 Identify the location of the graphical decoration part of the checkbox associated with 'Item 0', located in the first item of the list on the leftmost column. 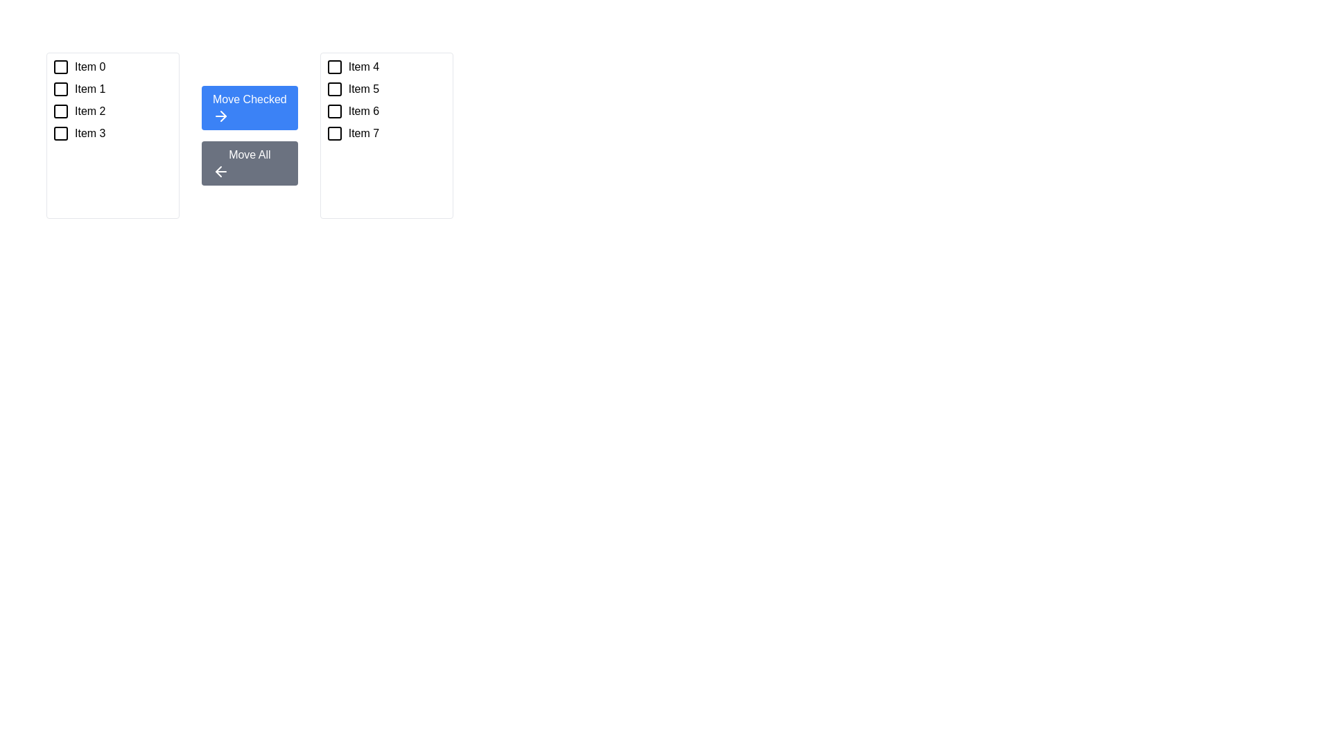
(60, 66).